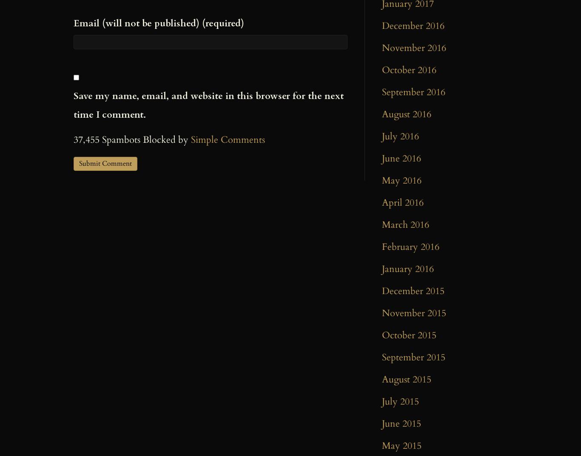 This screenshot has width=581, height=456. What do you see at coordinates (382, 357) in the screenshot?
I see `'September 2015'` at bounding box center [382, 357].